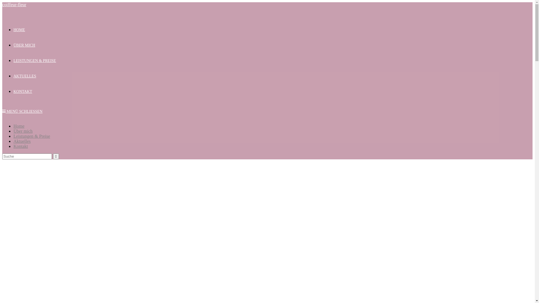 The height and width of the screenshot is (303, 539). I want to click on 'coiffeur-fleur', so click(14, 4).